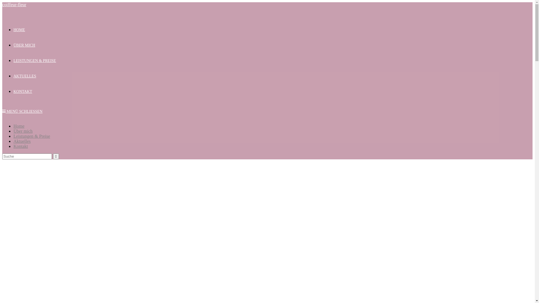 The height and width of the screenshot is (303, 539). I want to click on 'coiffeur-fleur', so click(14, 4).